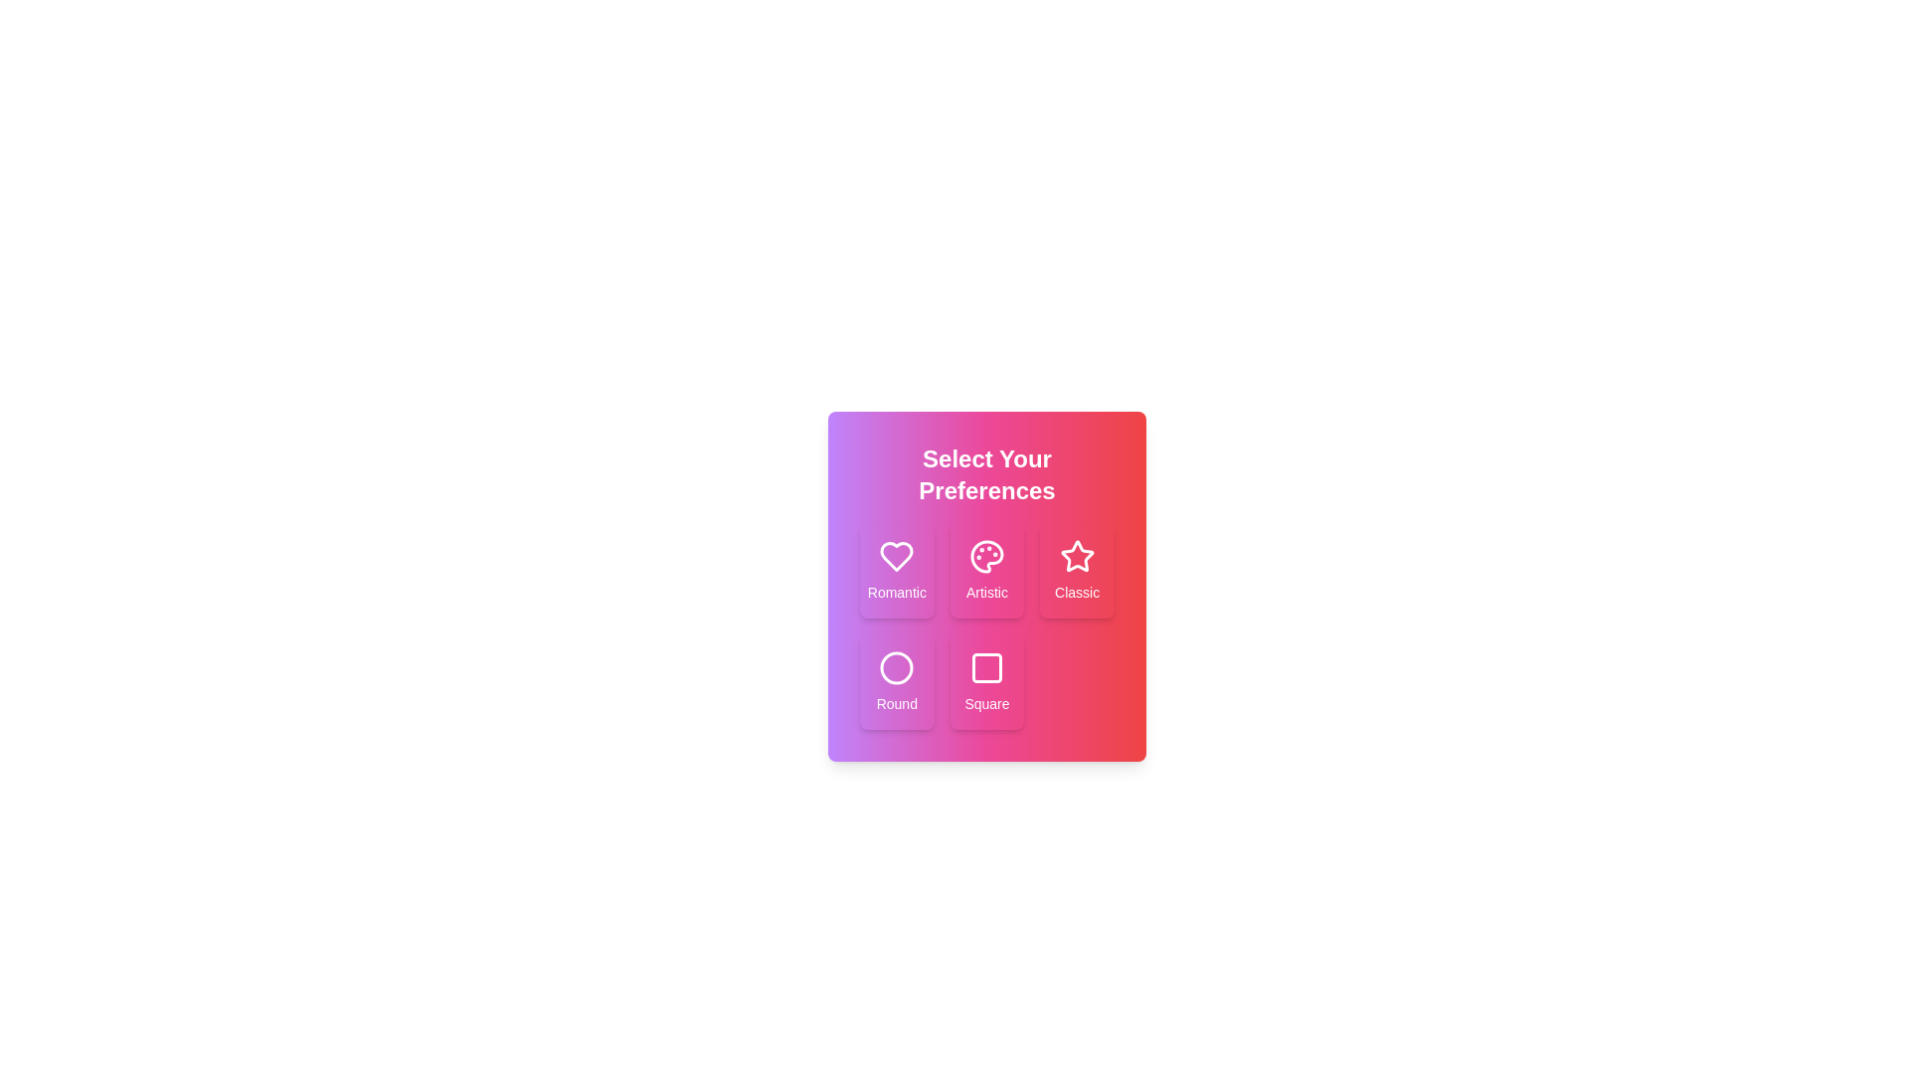 The height and width of the screenshot is (1074, 1909). What do you see at coordinates (1077, 571) in the screenshot?
I see `the preference option Classic` at bounding box center [1077, 571].